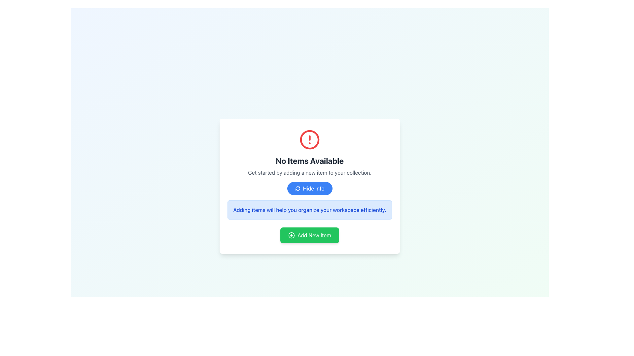  What do you see at coordinates (291, 235) in the screenshot?
I see `the 'add' icon component, which is circular in shape and located at the center of the 'Add New Item' button at the bottom center of the page` at bounding box center [291, 235].